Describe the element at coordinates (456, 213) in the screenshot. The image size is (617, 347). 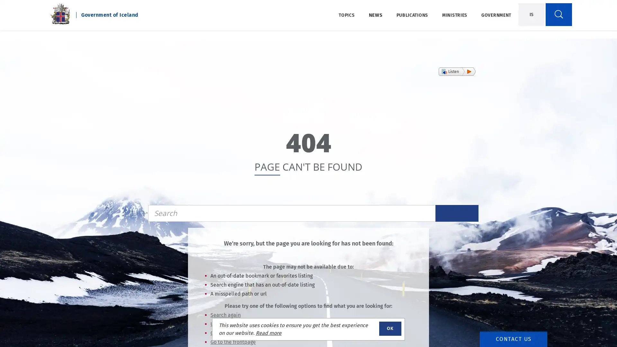
I see `SEARCH` at that location.